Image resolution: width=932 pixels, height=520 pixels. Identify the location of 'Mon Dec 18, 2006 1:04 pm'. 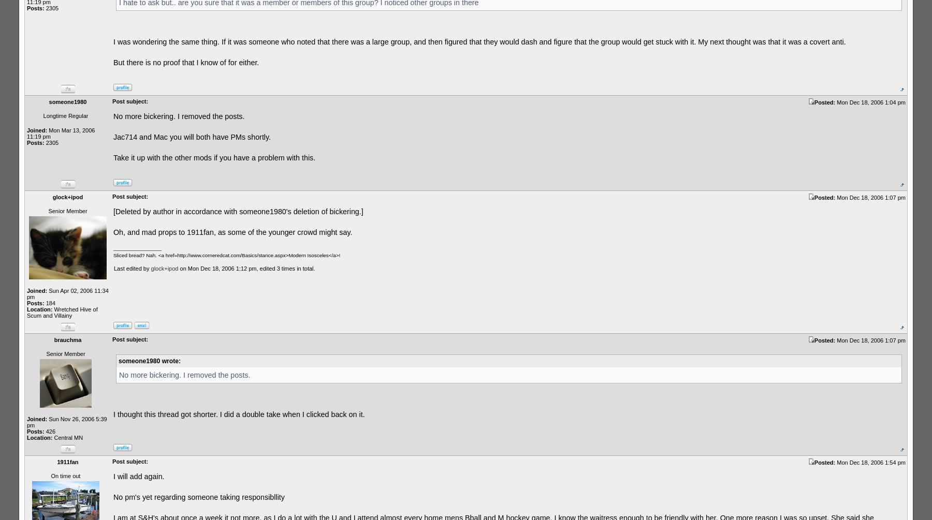
(870, 101).